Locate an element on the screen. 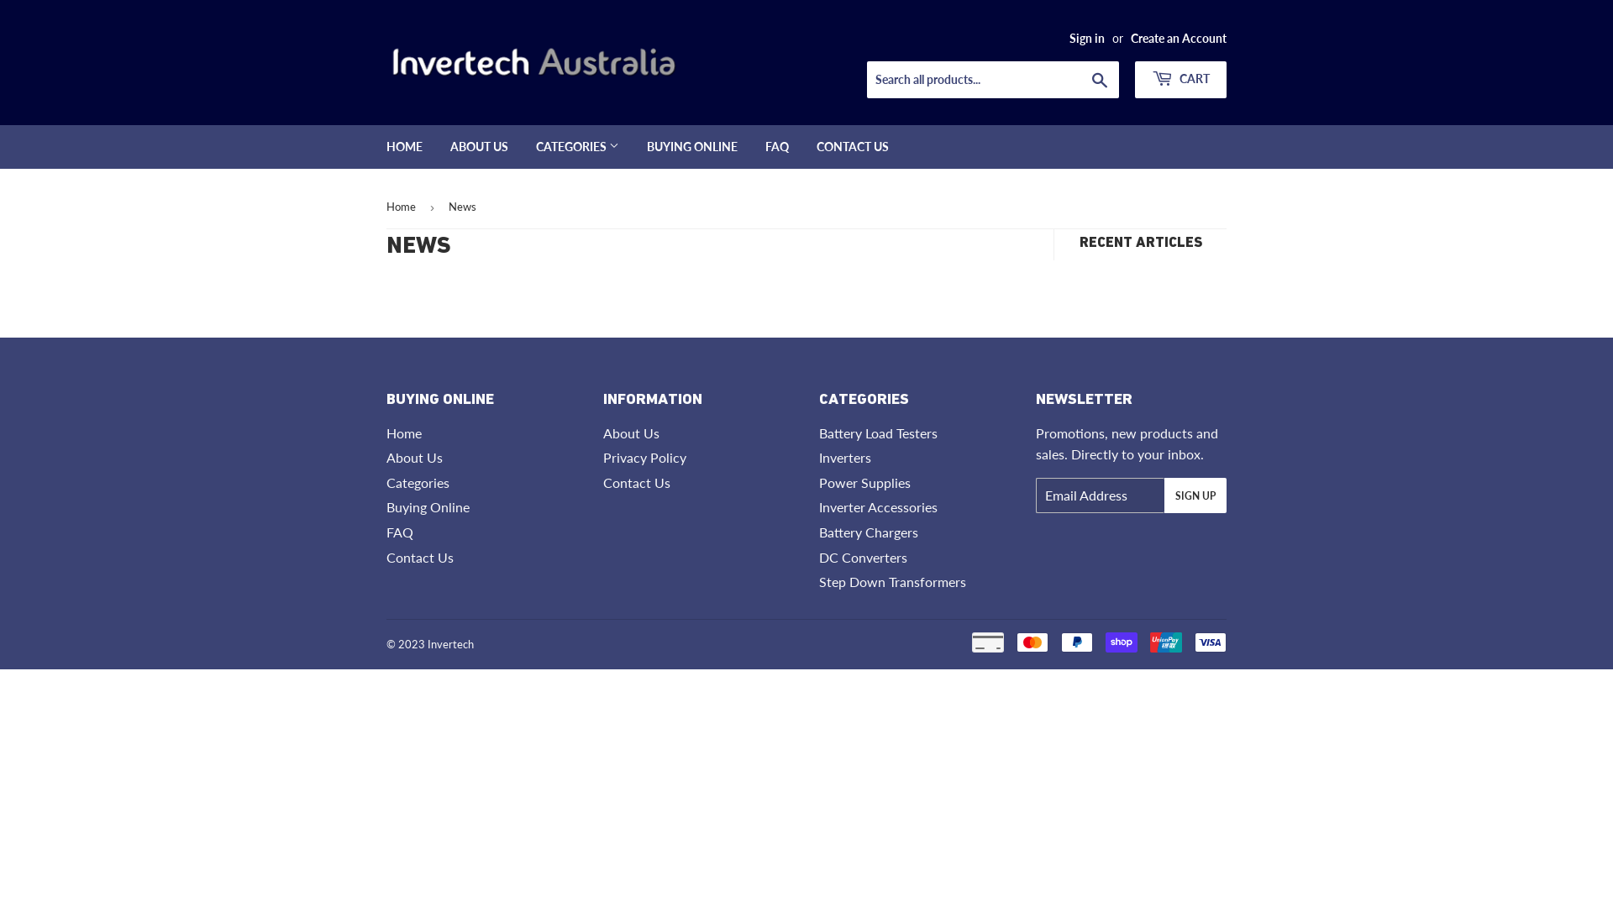 The width and height of the screenshot is (1613, 907). 'Sign in' is located at coordinates (1087, 38).